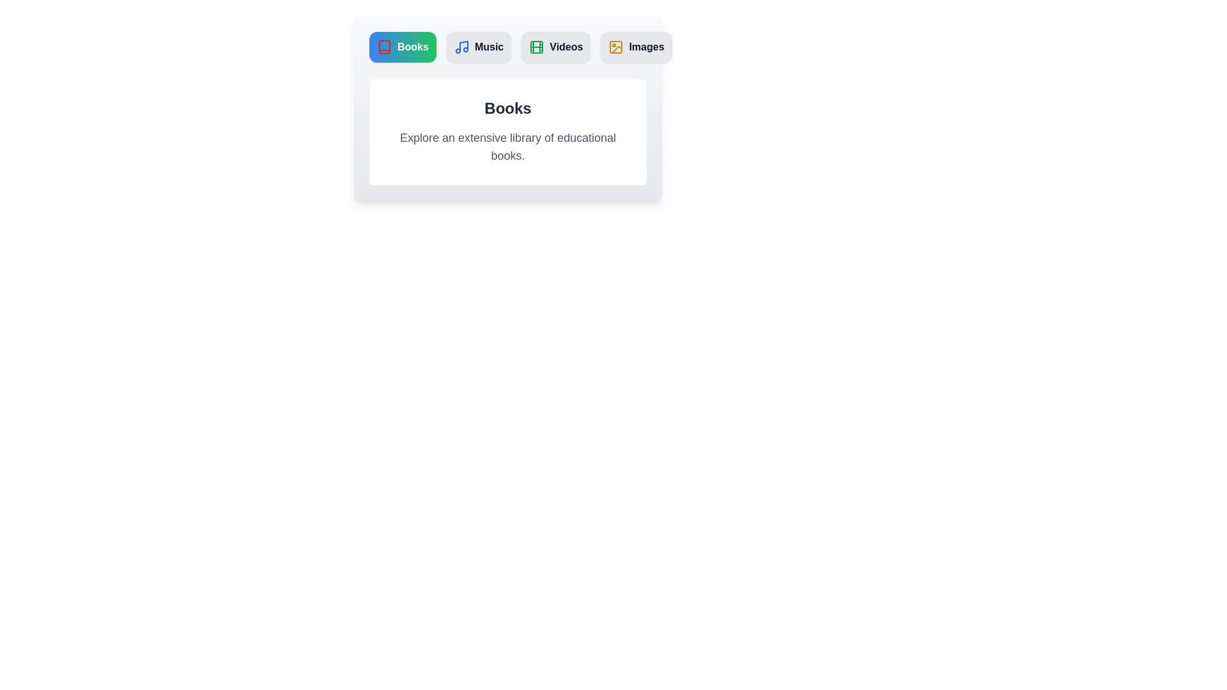 The height and width of the screenshot is (690, 1227). What do you see at coordinates (637, 46) in the screenshot?
I see `the Images tab to switch to its content` at bounding box center [637, 46].